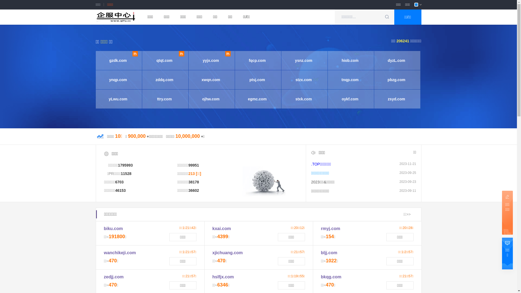 The image size is (521, 293). I want to click on 'fqcp.com', so click(257, 60).